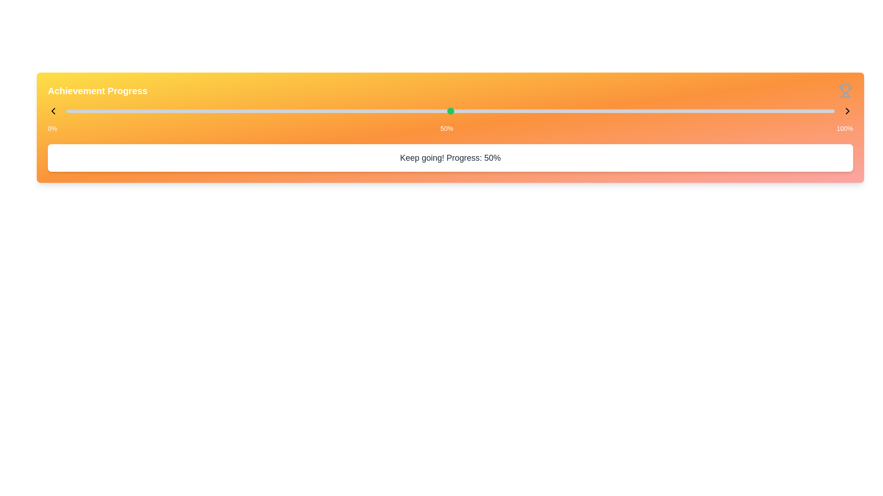 The image size is (883, 496). I want to click on the text label that indicates full completion of the progress bar, located at the rightmost end of the progress bar, so click(845, 129).